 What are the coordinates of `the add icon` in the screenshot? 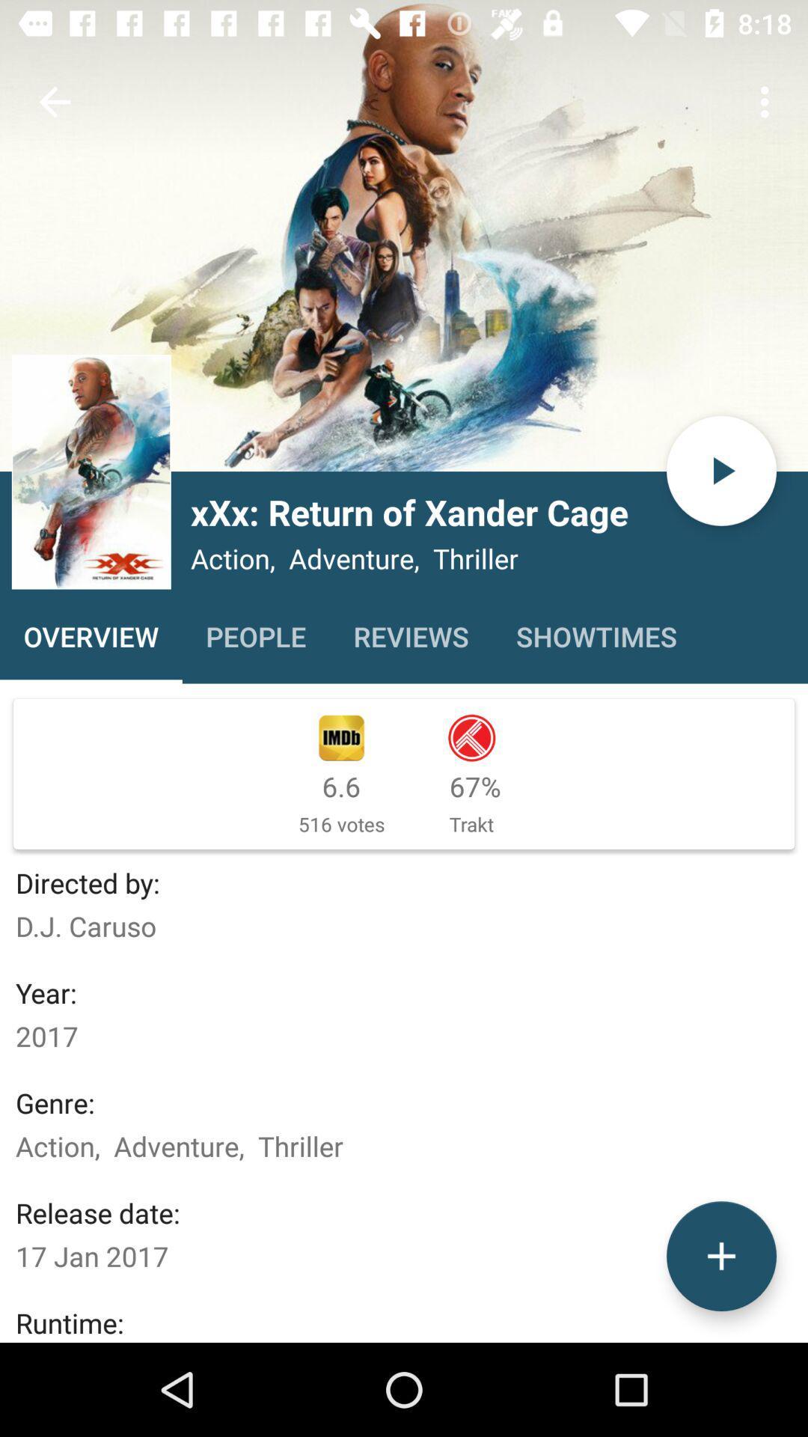 It's located at (720, 1256).